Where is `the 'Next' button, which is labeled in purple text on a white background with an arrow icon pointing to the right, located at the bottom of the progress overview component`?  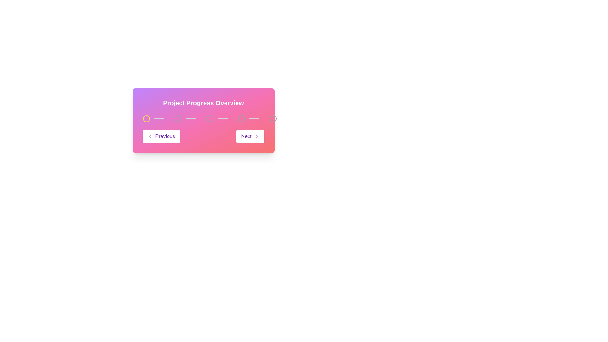
the 'Next' button, which is labeled in purple text on a white background with an arrow icon pointing to the right, located at the bottom of the progress overview component is located at coordinates (250, 136).